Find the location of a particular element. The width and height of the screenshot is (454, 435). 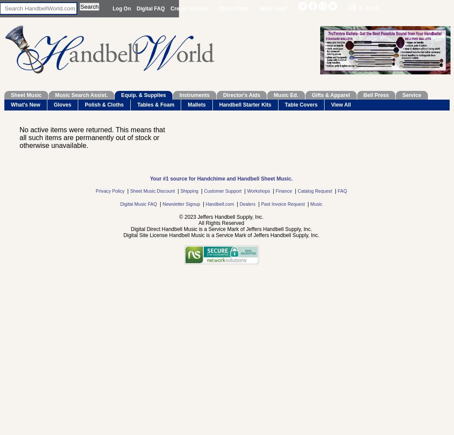

'Finance' is located at coordinates (284, 191).